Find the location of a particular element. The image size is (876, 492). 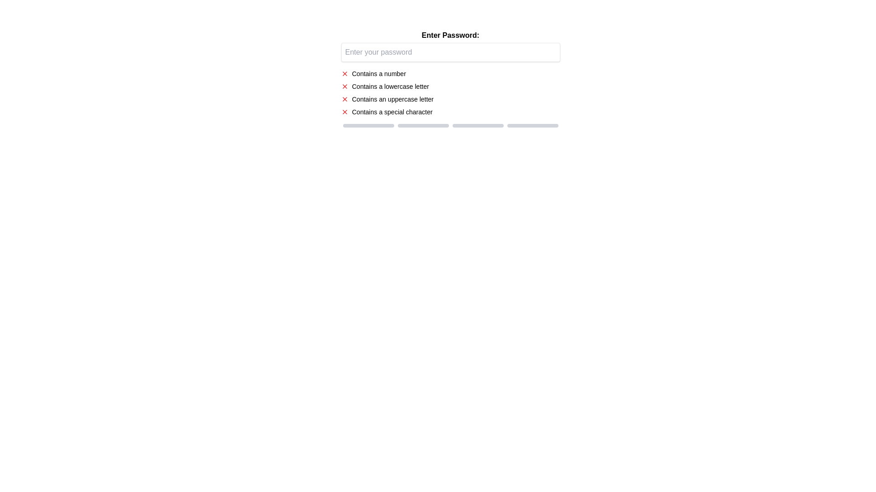

the validation message text that indicates the password must include at least one special character, positioned beneath the 'Contains an uppercase letter' message is located at coordinates (392, 112).